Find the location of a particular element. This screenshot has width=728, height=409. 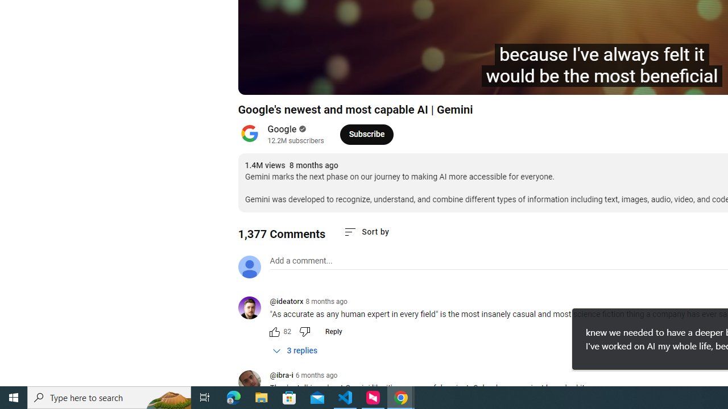

'Default profile photo' is located at coordinates (249, 267).